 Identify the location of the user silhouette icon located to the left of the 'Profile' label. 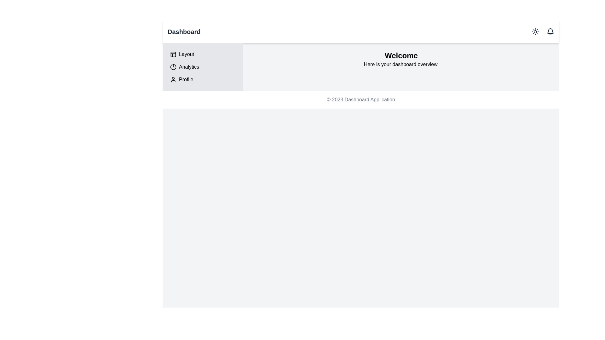
(173, 79).